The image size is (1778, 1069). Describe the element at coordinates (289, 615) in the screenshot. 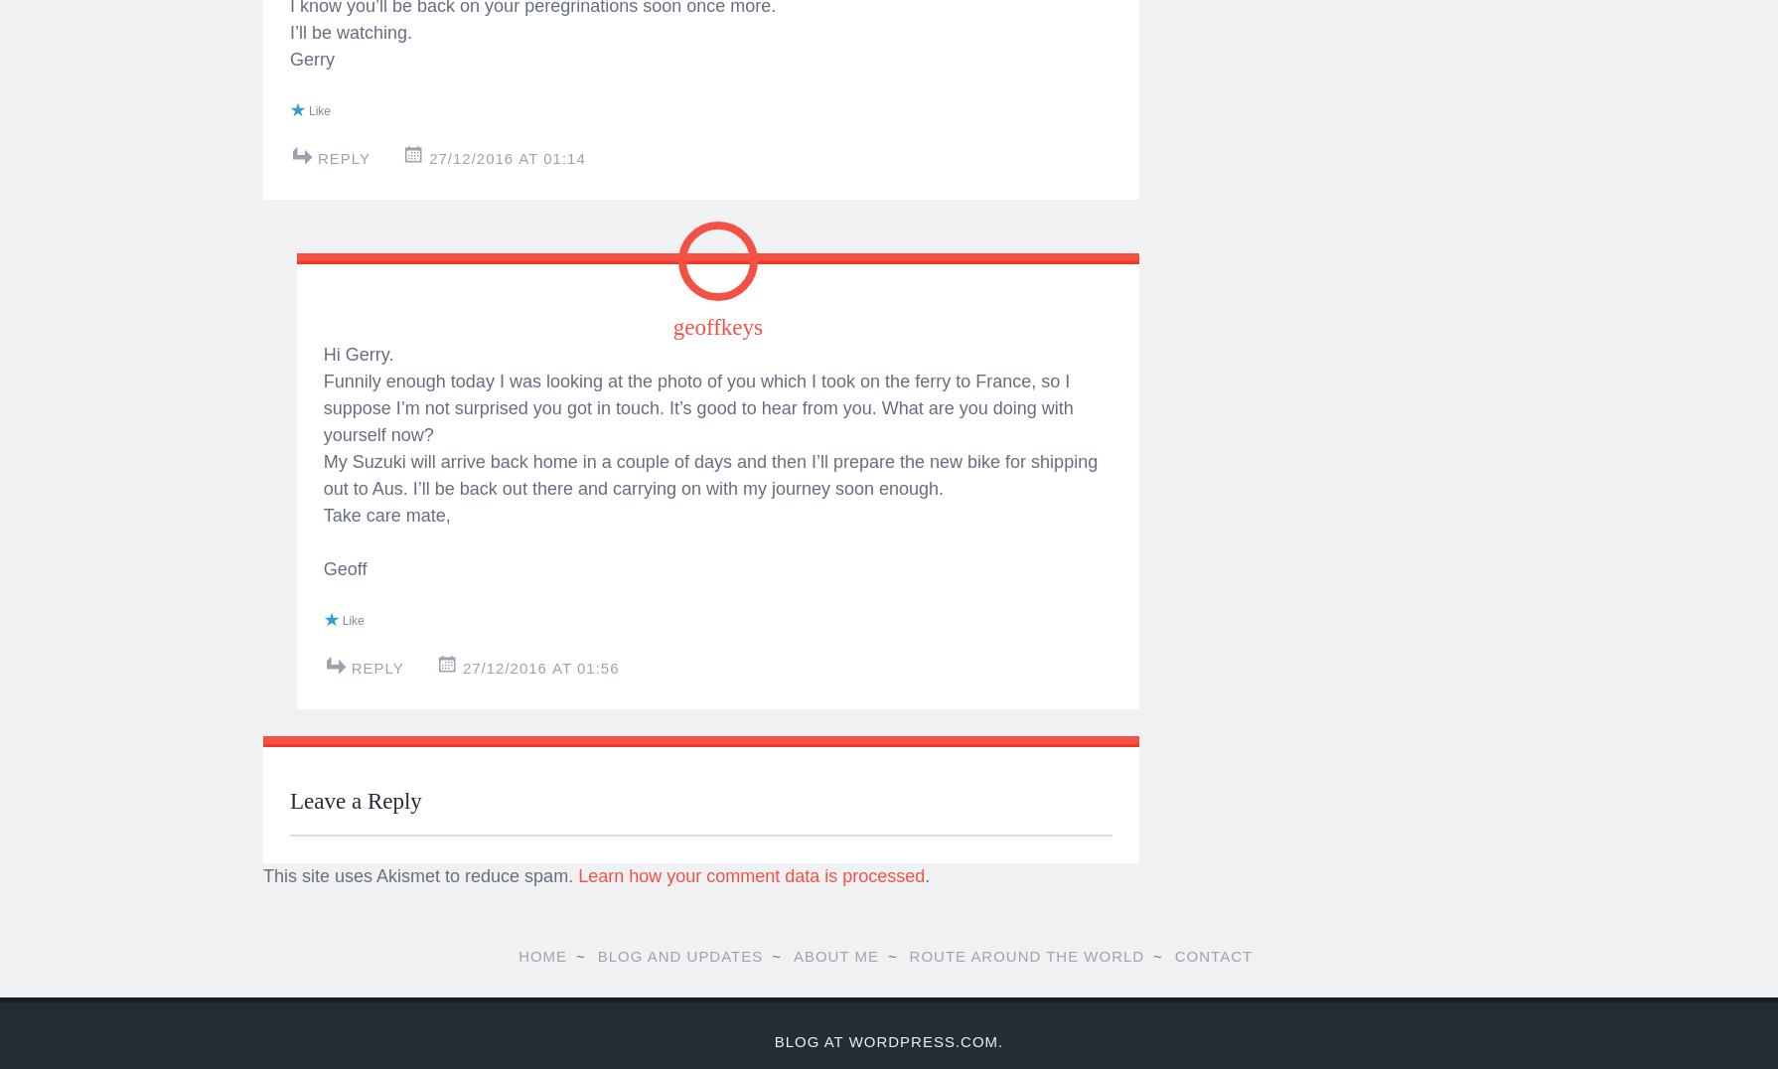

I see `'I know you’ll be back on your peregrinations soon once more.'` at that location.